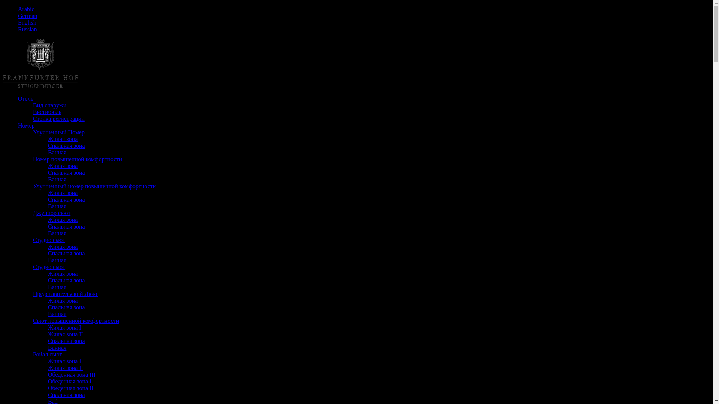 Image resolution: width=719 pixels, height=404 pixels. Describe the element at coordinates (18, 22) in the screenshot. I see `'English'` at that location.